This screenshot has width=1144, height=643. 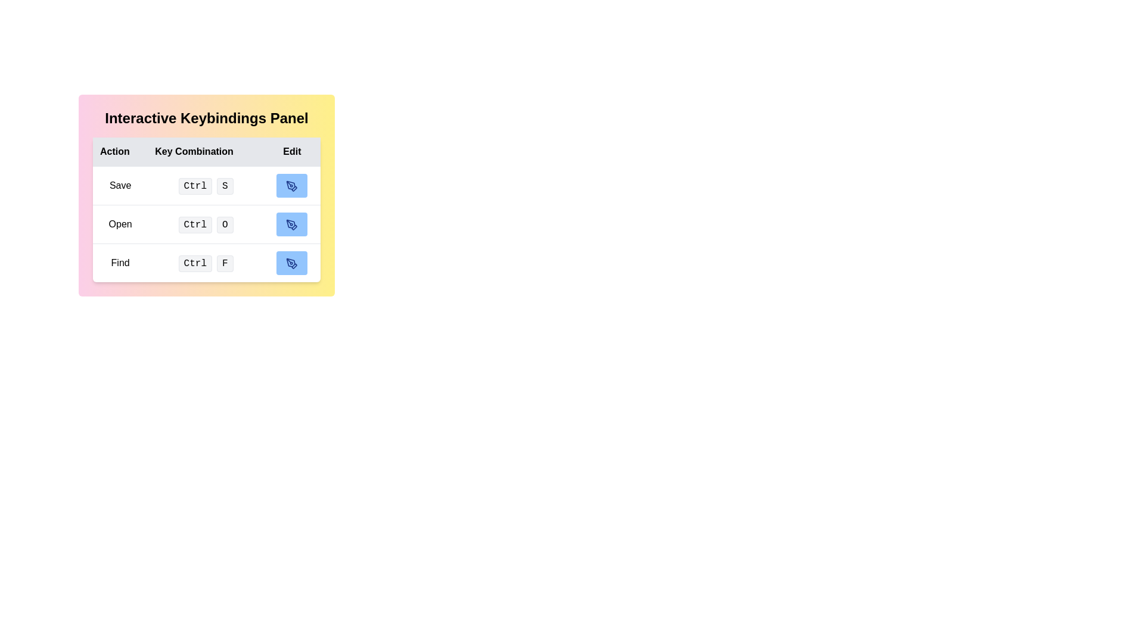 What do you see at coordinates (292, 224) in the screenshot?
I see `the blue button with rounded corners featuring a pen tool icon, located in the center-right of the 'Interactive Keybindings Panel' row associated with the 'Open' action` at bounding box center [292, 224].